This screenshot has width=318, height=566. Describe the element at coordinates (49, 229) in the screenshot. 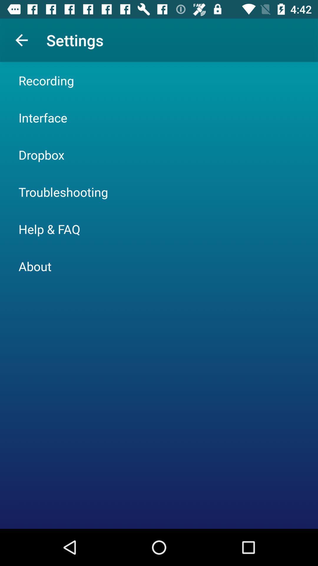

I see `the help & faq` at that location.